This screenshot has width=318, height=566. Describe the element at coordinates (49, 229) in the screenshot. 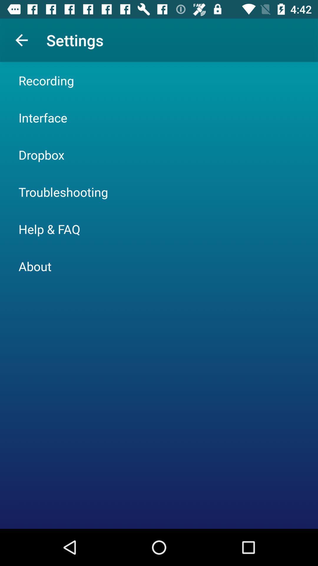

I see `the help & faq` at that location.